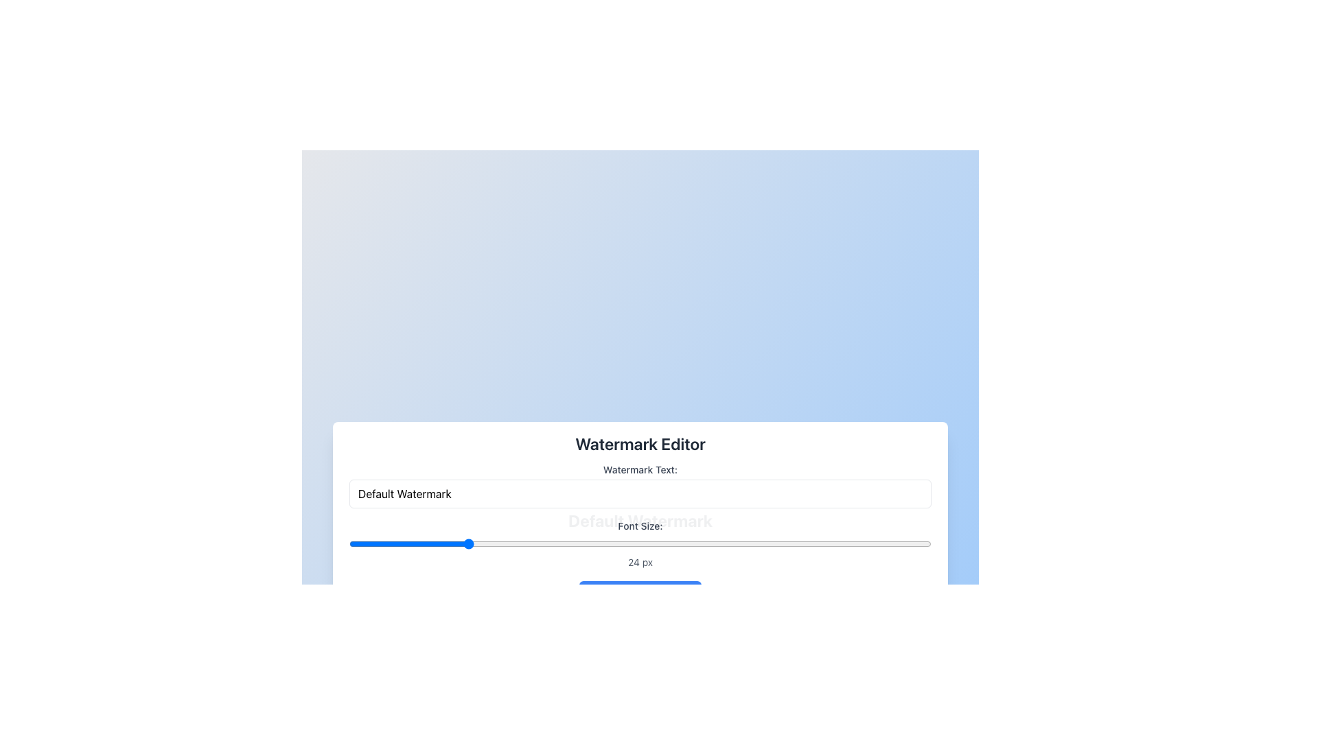  Describe the element at coordinates (449, 543) in the screenshot. I see `the font size` at that location.